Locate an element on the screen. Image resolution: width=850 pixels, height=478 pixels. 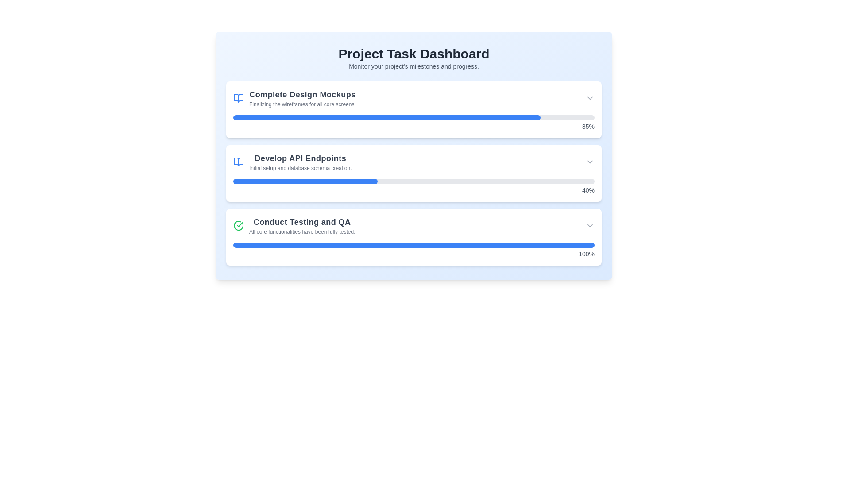
the graphical representation of the 'Develop API Endpoints' icon located at the beginning of its section, positioned directly to the left of the main title text is located at coordinates (238, 162).